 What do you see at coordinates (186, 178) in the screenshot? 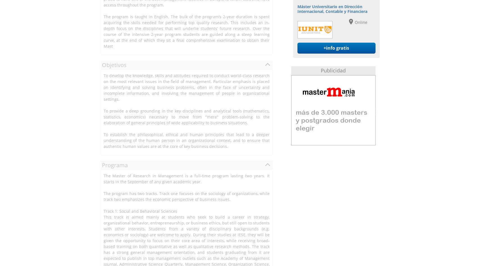
I see `'The Master of Research in Management is a full-time program lasting two years. It starts in the September of any given academic year.'` at bounding box center [186, 178].